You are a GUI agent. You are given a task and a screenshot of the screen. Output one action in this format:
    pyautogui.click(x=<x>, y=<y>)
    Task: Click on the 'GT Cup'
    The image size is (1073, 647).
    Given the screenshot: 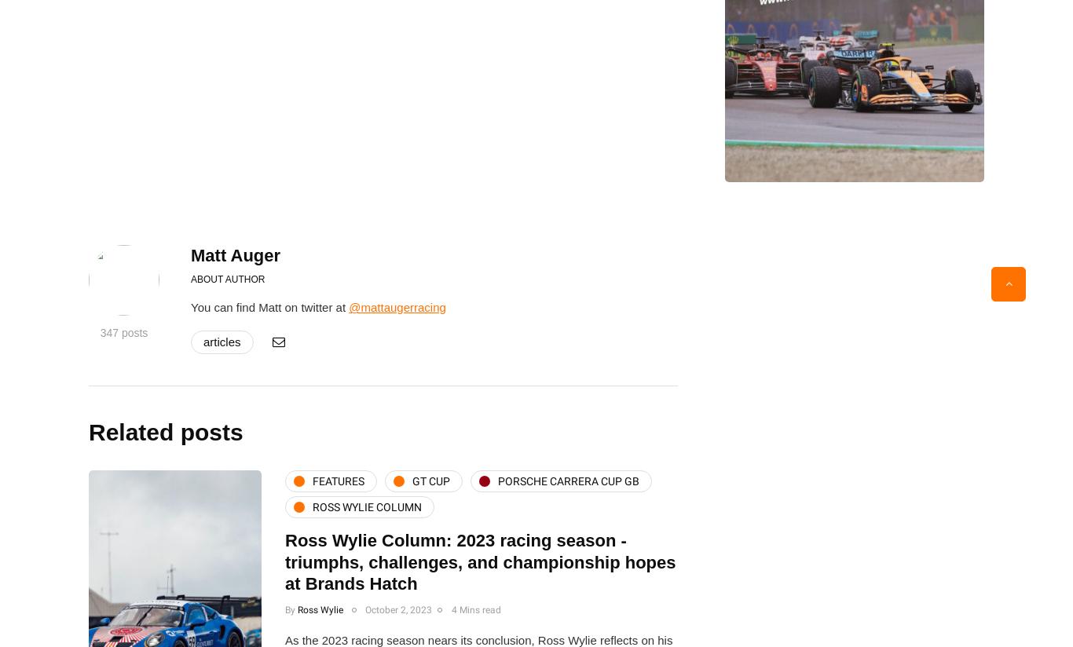 What is the action you would take?
    pyautogui.click(x=430, y=480)
    